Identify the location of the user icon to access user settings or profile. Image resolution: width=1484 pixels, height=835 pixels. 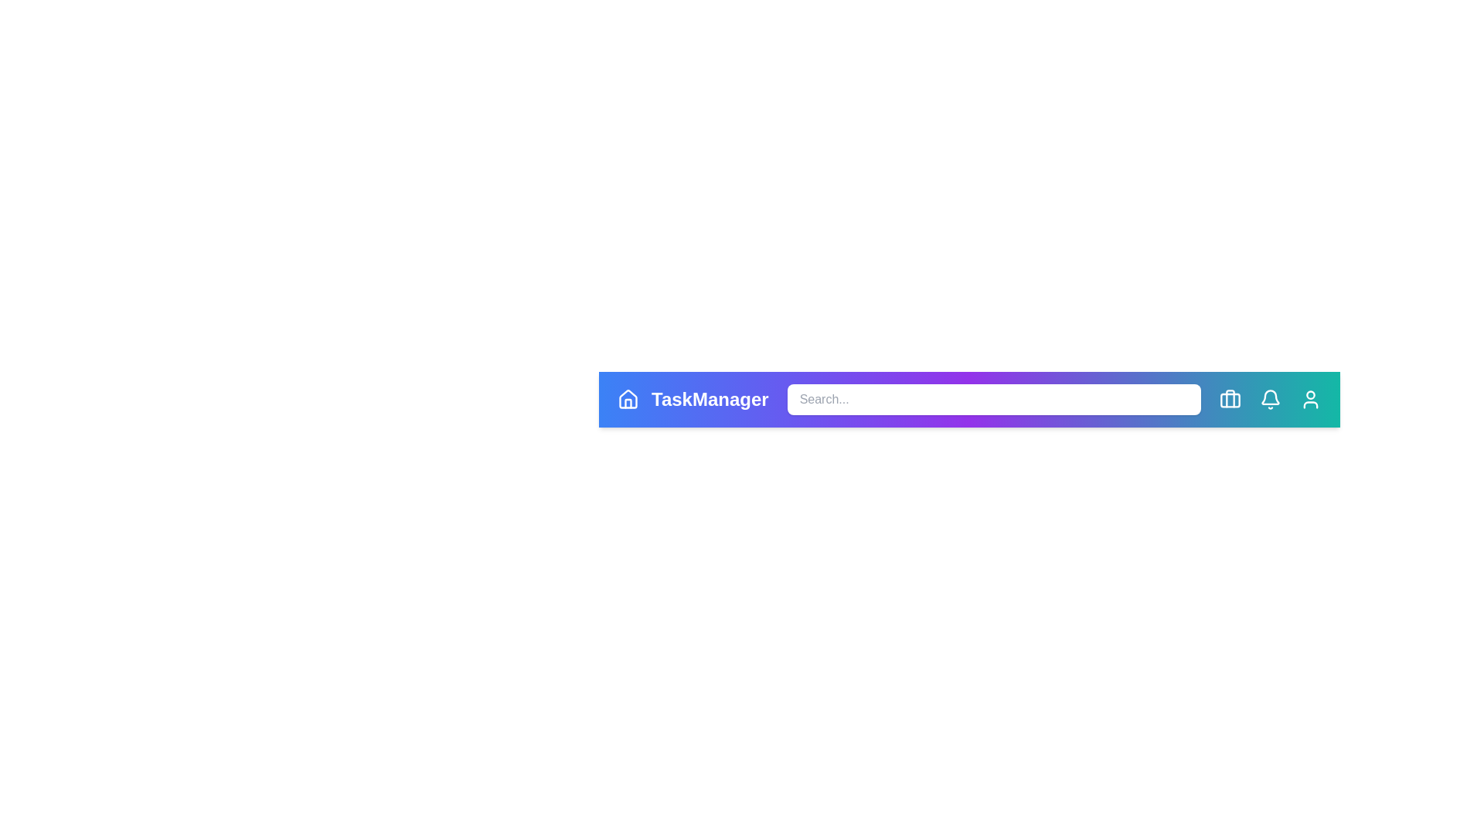
(1309, 398).